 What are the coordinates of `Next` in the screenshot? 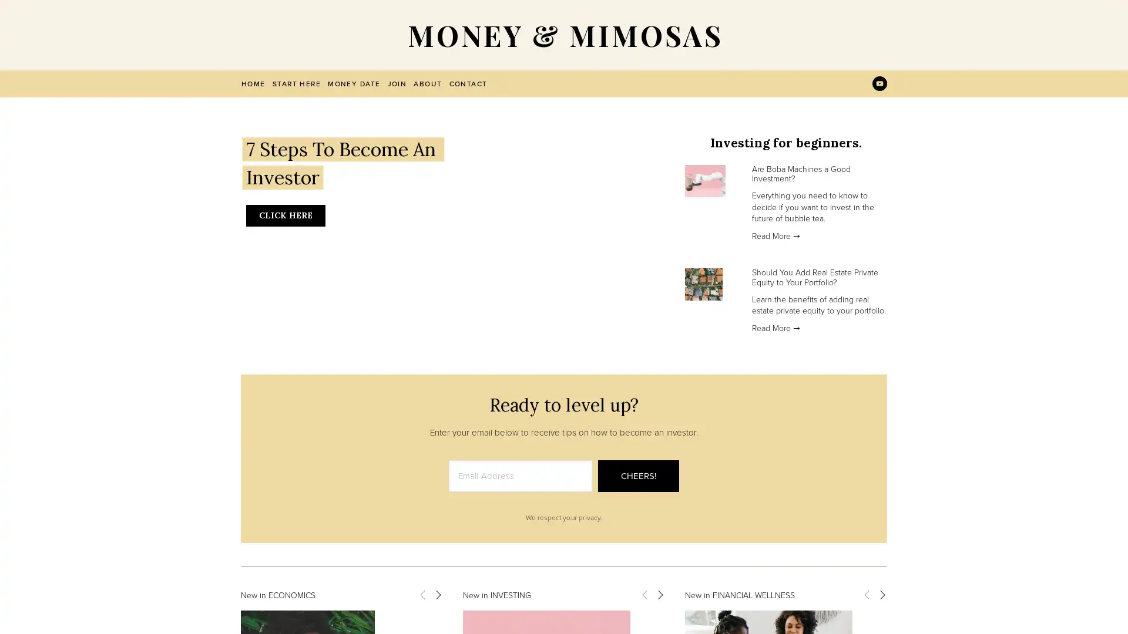 It's located at (660, 593).